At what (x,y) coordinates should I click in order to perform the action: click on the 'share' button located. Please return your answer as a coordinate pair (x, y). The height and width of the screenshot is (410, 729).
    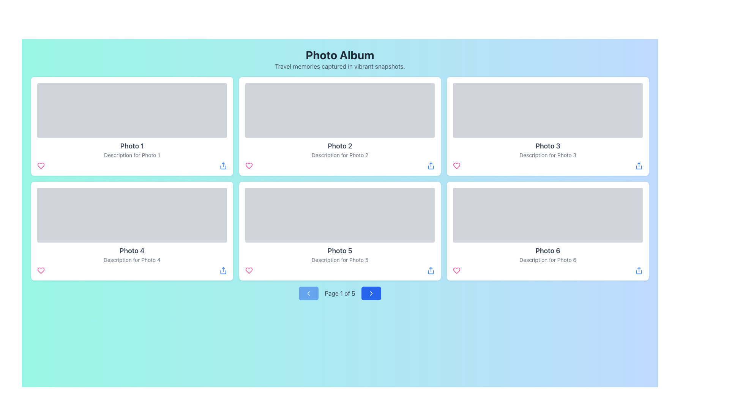
    Looking at the image, I should click on (431, 270).